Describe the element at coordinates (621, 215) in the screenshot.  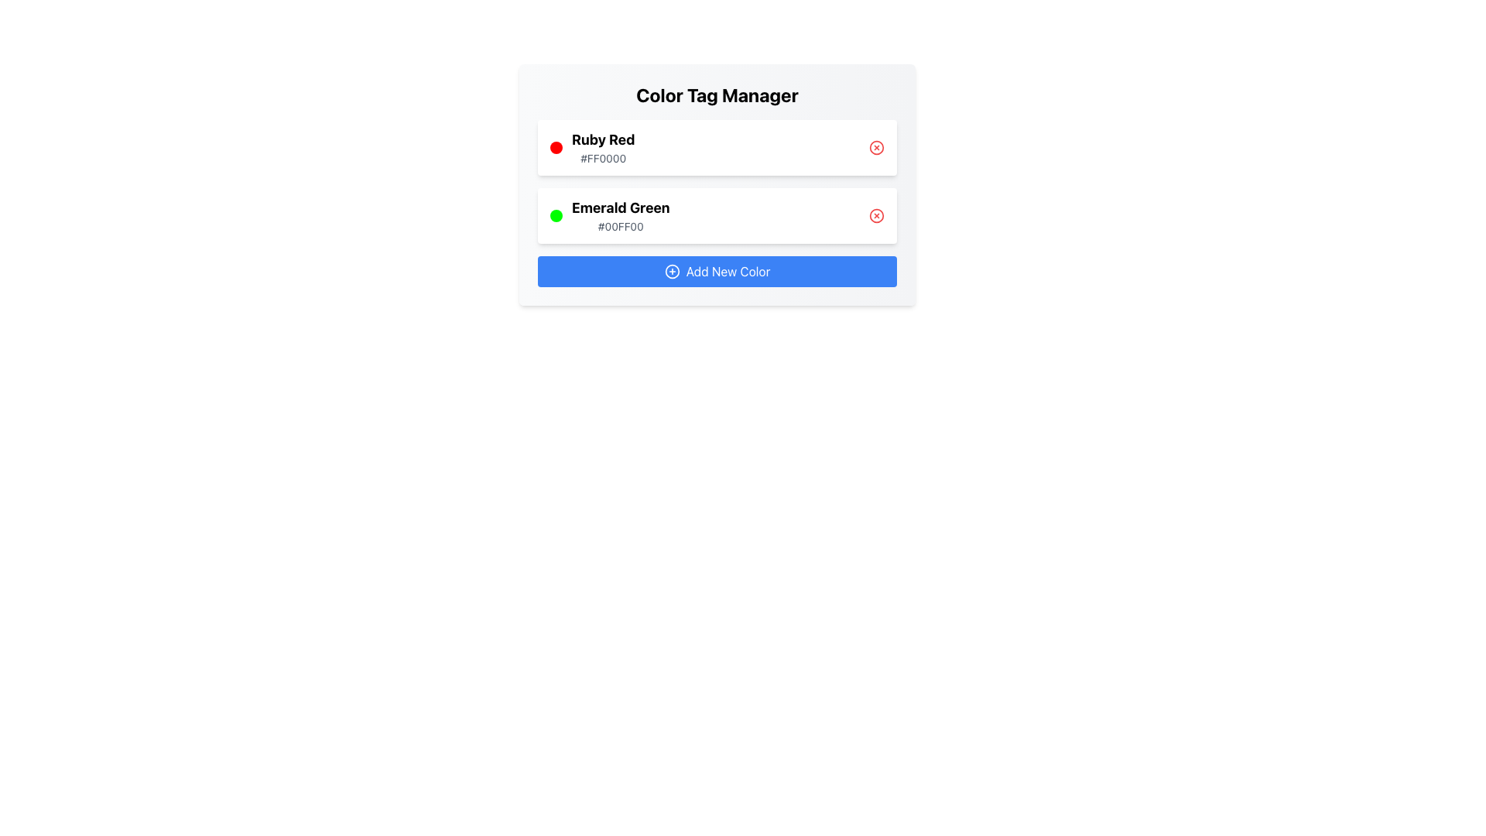
I see `contents of the text label displaying 'Emerald Green' and its corresponding color code '#00FF00', which is located in the middle of the second row of color tags` at that location.